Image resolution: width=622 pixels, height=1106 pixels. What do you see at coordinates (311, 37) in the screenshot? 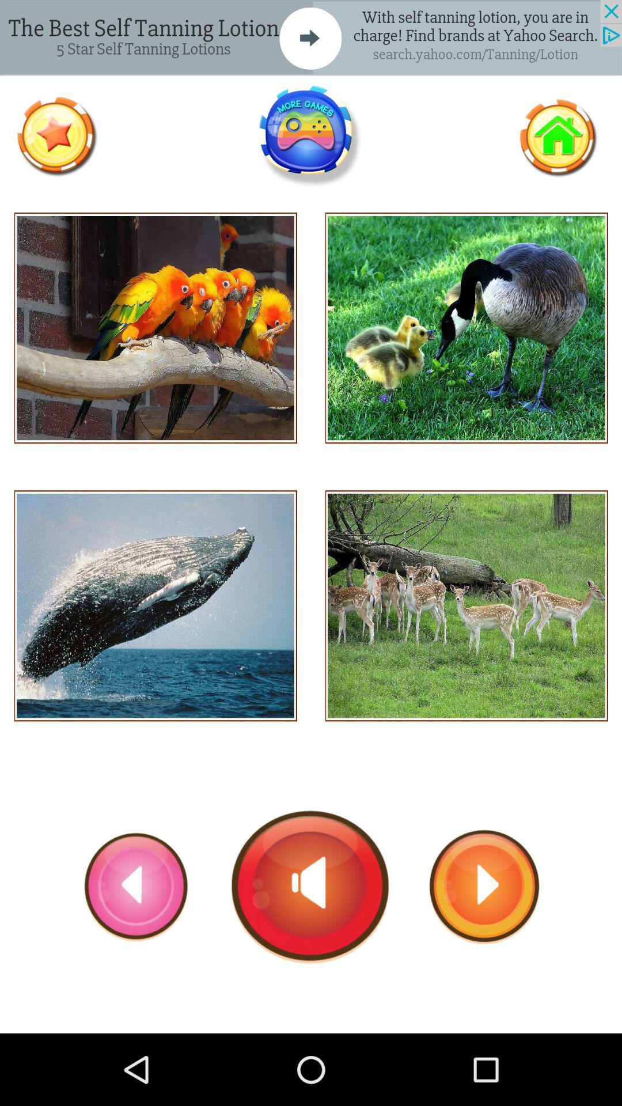
I see `open advertisement` at bounding box center [311, 37].